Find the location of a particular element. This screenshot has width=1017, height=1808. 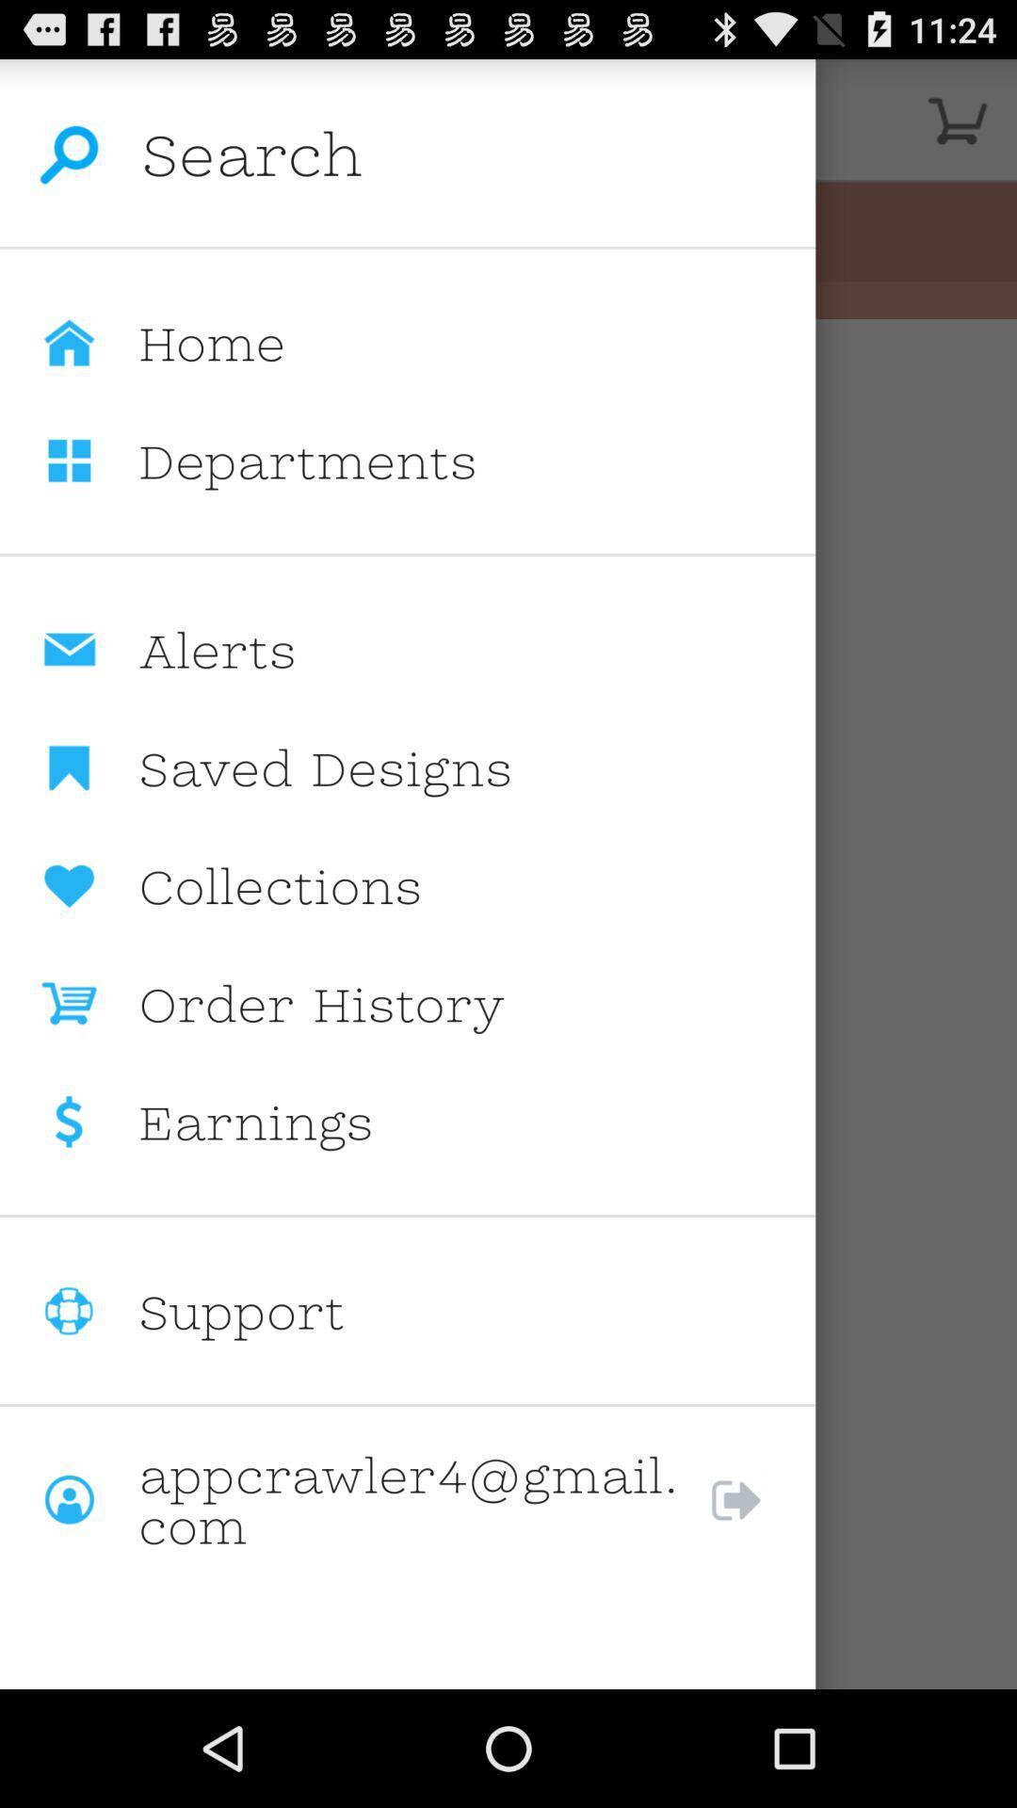

the search icon is located at coordinates (53, 128).